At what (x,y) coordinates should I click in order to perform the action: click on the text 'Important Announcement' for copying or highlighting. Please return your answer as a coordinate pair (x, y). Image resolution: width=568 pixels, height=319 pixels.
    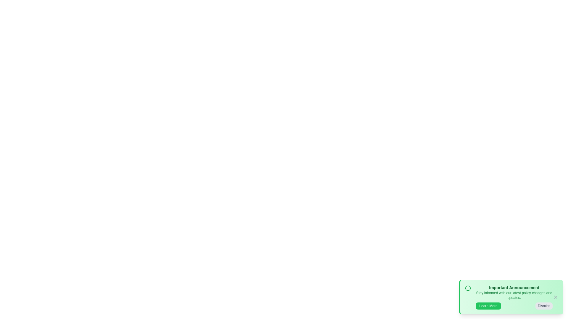
    Looking at the image, I should click on (514, 287).